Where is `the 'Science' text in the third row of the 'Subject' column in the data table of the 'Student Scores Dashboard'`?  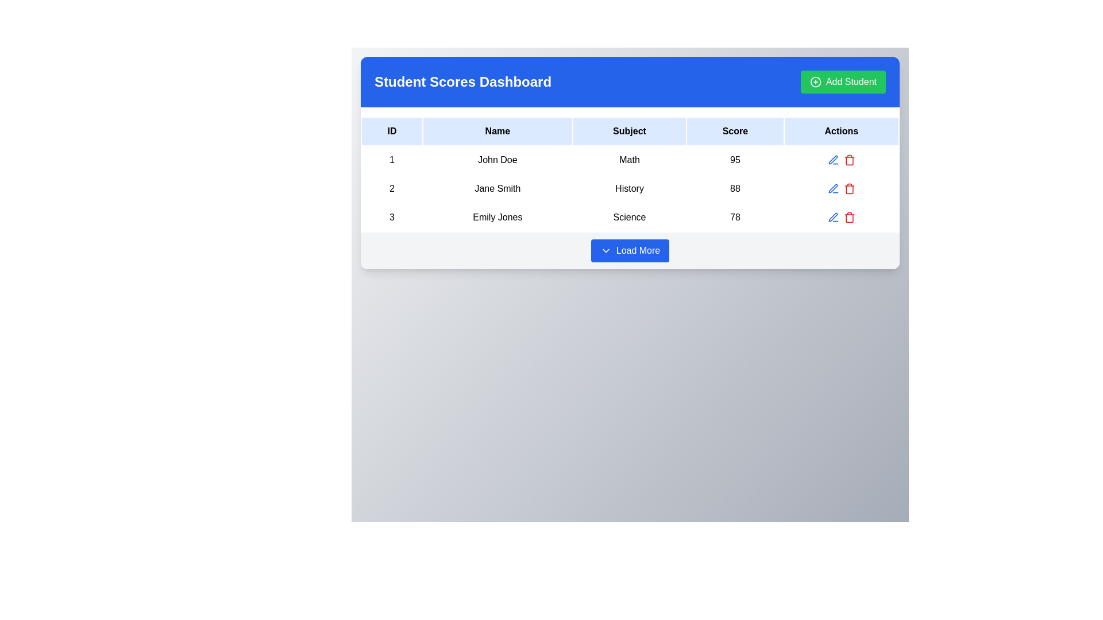
the 'Science' text in the third row of the 'Subject' column in the data table of the 'Student Scores Dashboard' is located at coordinates (630, 217).